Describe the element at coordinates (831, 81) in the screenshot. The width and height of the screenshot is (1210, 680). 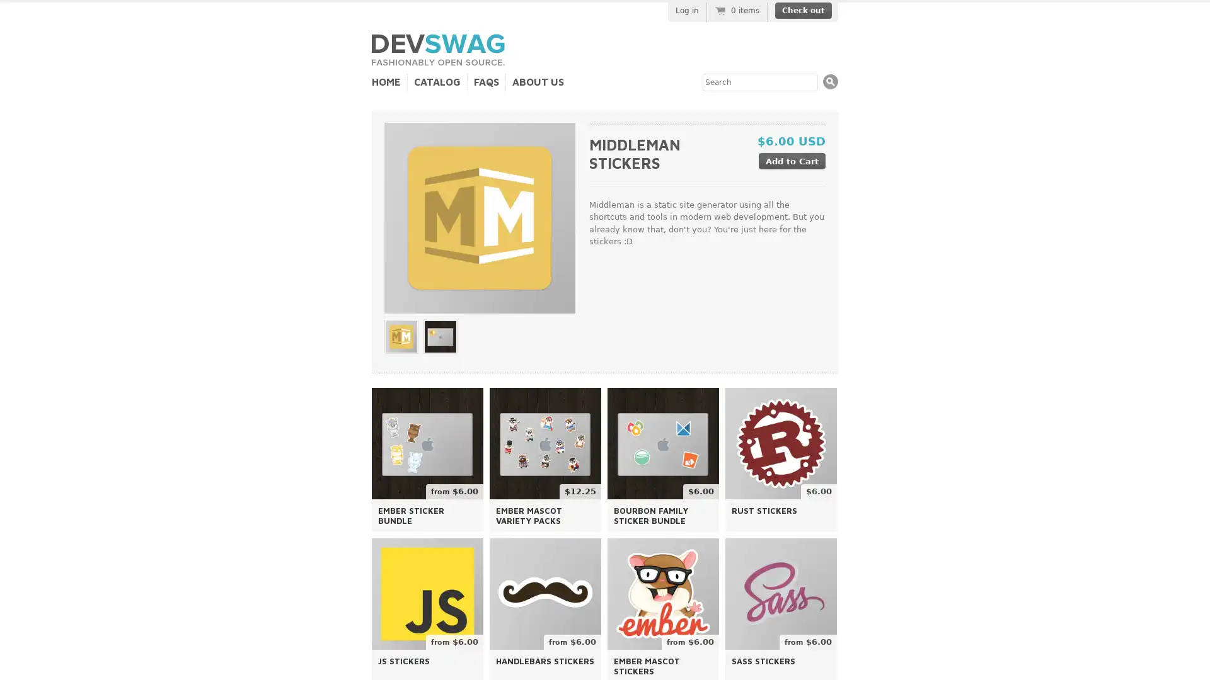
I see `Search` at that location.